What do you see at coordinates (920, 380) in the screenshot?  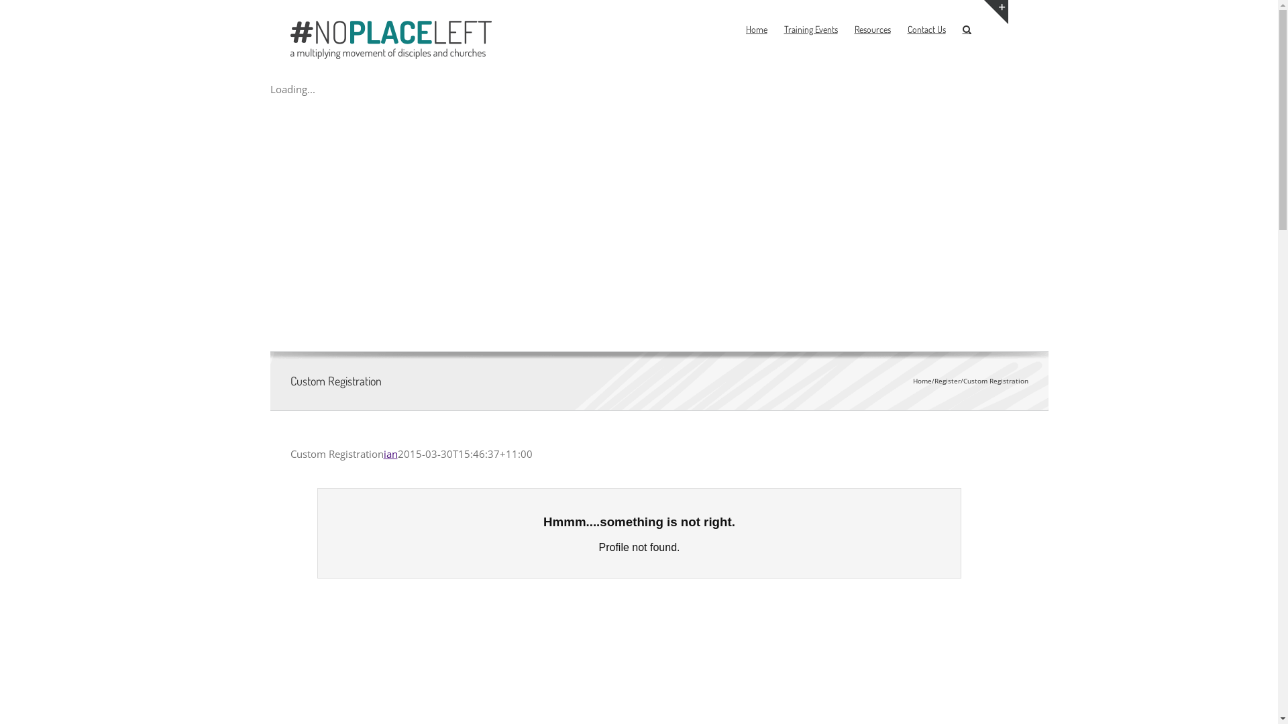 I see `'Home'` at bounding box center [920, 380].